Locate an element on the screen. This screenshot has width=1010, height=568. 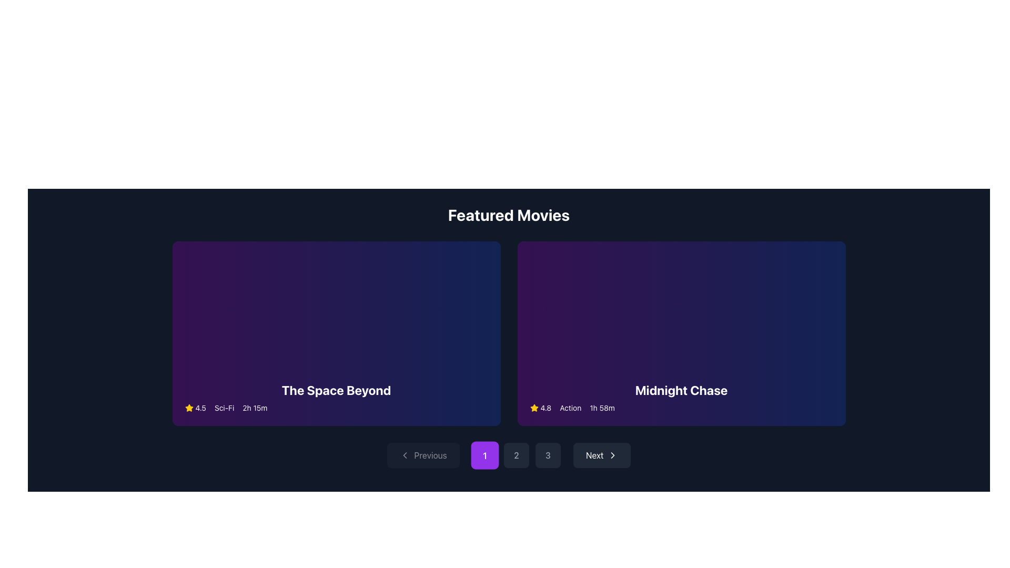
the movie information card for 'The Space Beyond' located at the top-left of the grid layout in the 'Featured Movies' section is located at coordinates (336, 333).